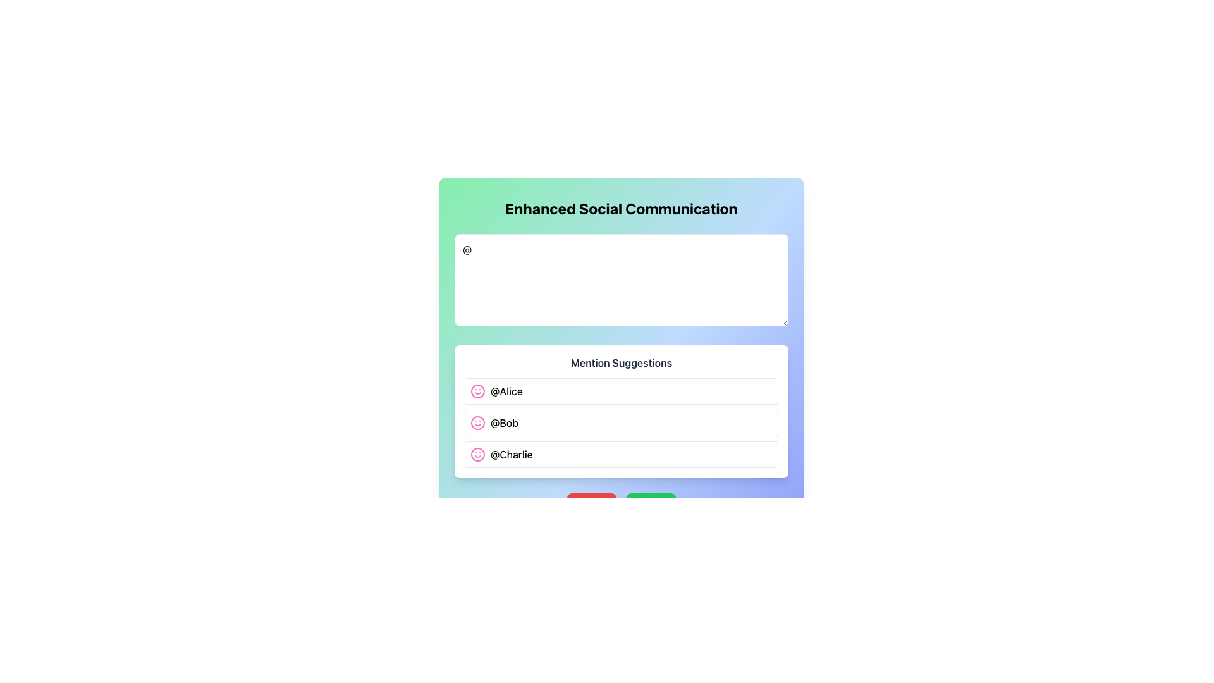 The image size is (1214, 683). Describe the element at coordinates (503, 422) in the screenshot. I see `the text label displaying '@Bob' in the 'Mention Suggestions' section, which is styled with a bold font and is located between '@Alice' and '@Charlie'` at that location.